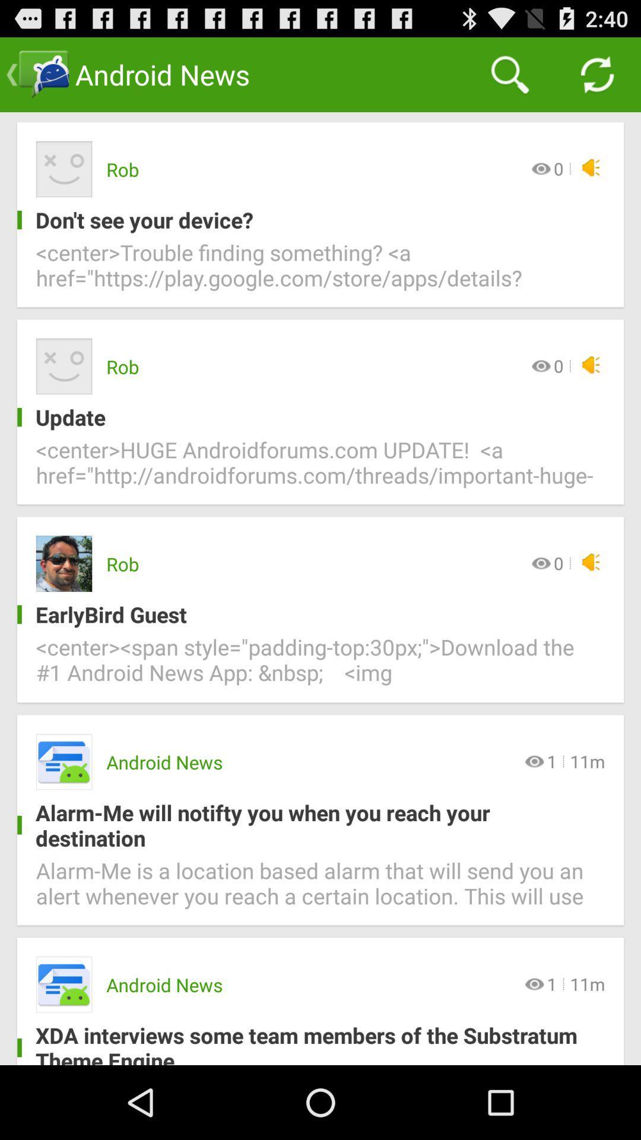 This screenshot has height=1140, width=641. I want to click on the item below the earlybird guest item, so click(320, 667).